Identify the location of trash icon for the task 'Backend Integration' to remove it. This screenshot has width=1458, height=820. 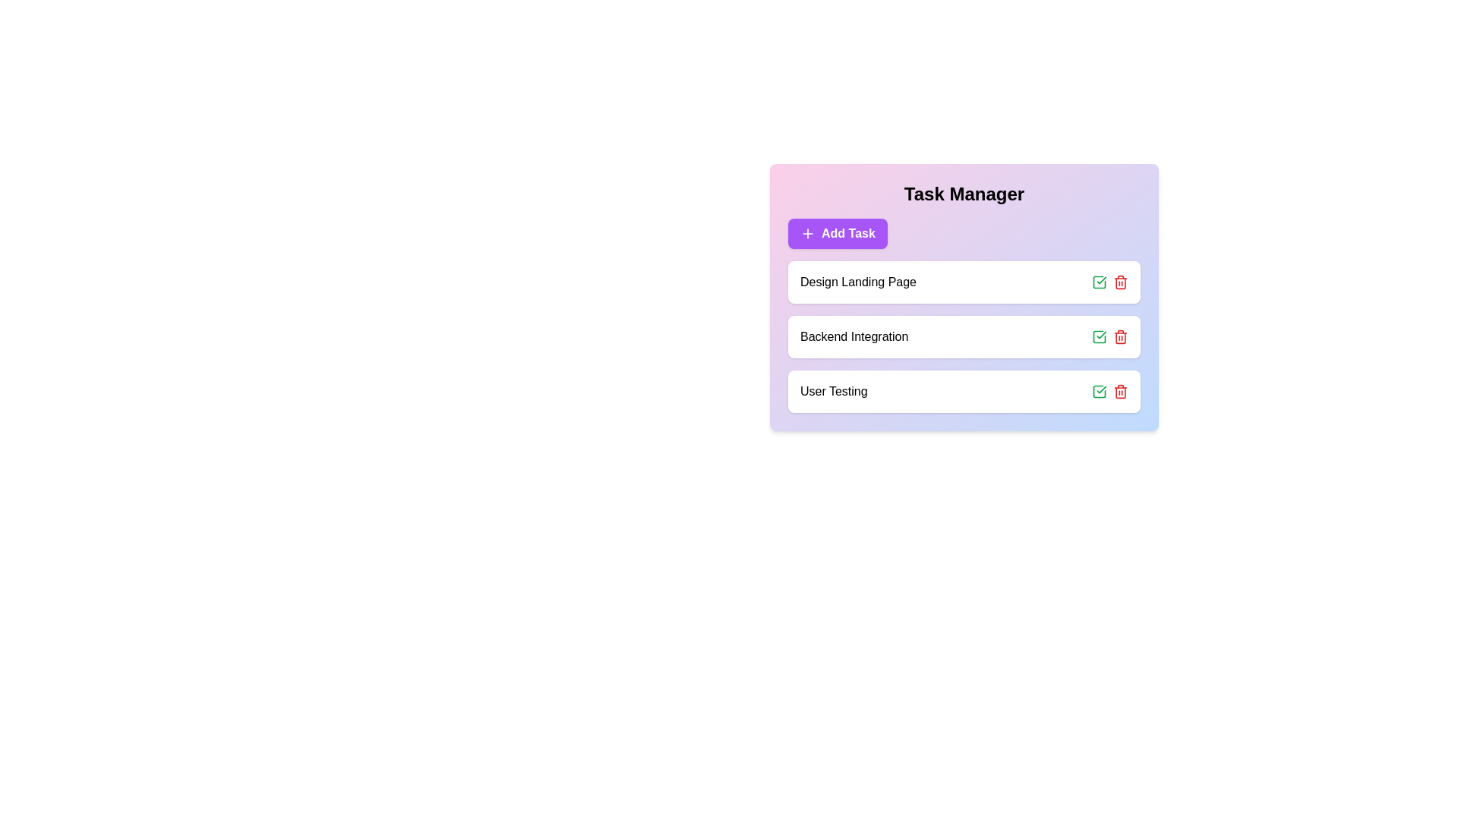
(1121, 336).